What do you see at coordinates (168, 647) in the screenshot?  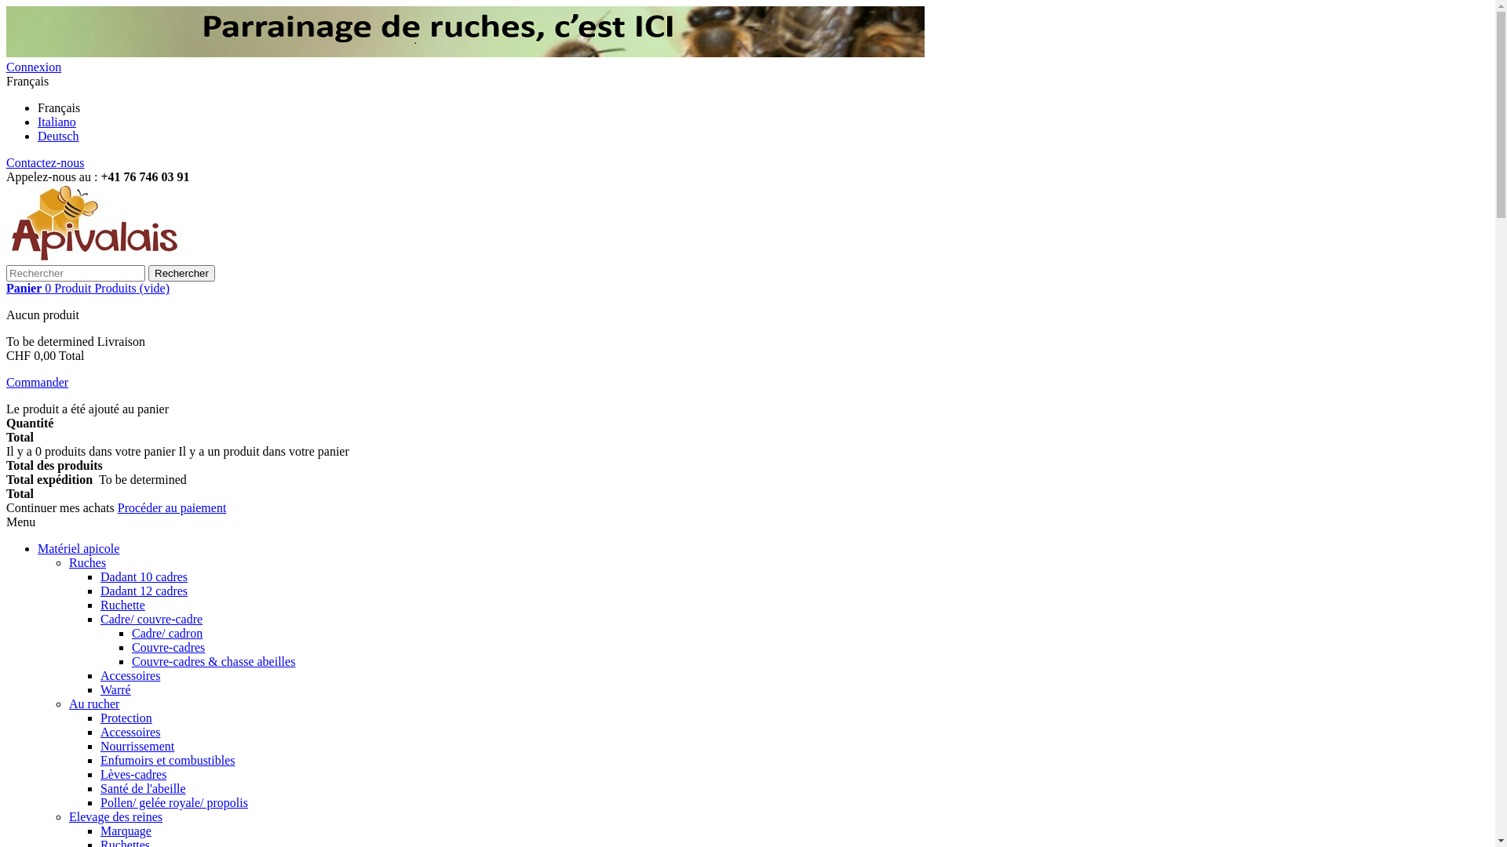 I see `'Couvre-cadres'` at bounding box center [168, 647].